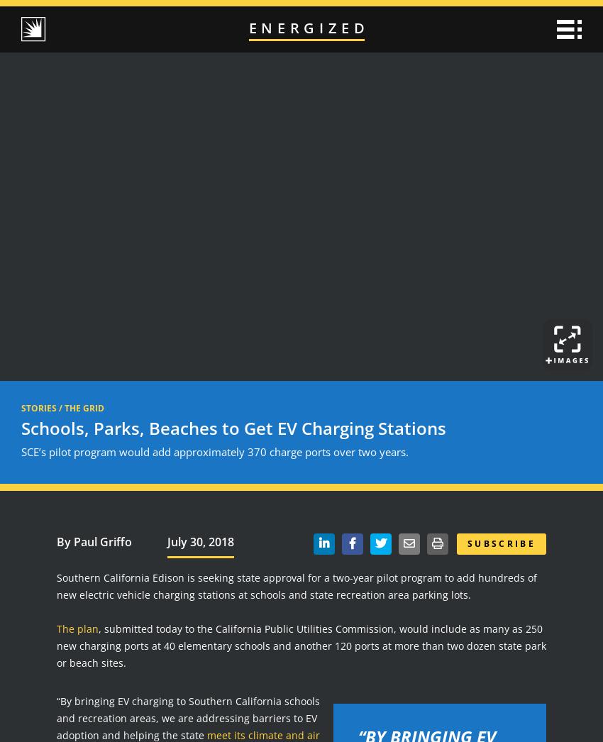 The image size is (603, 742). Describe the element at coordinates (21, 428) in the screenshot. I see `'Schools, Parks, Beaches to Get EV Charging Stations'` at that location.